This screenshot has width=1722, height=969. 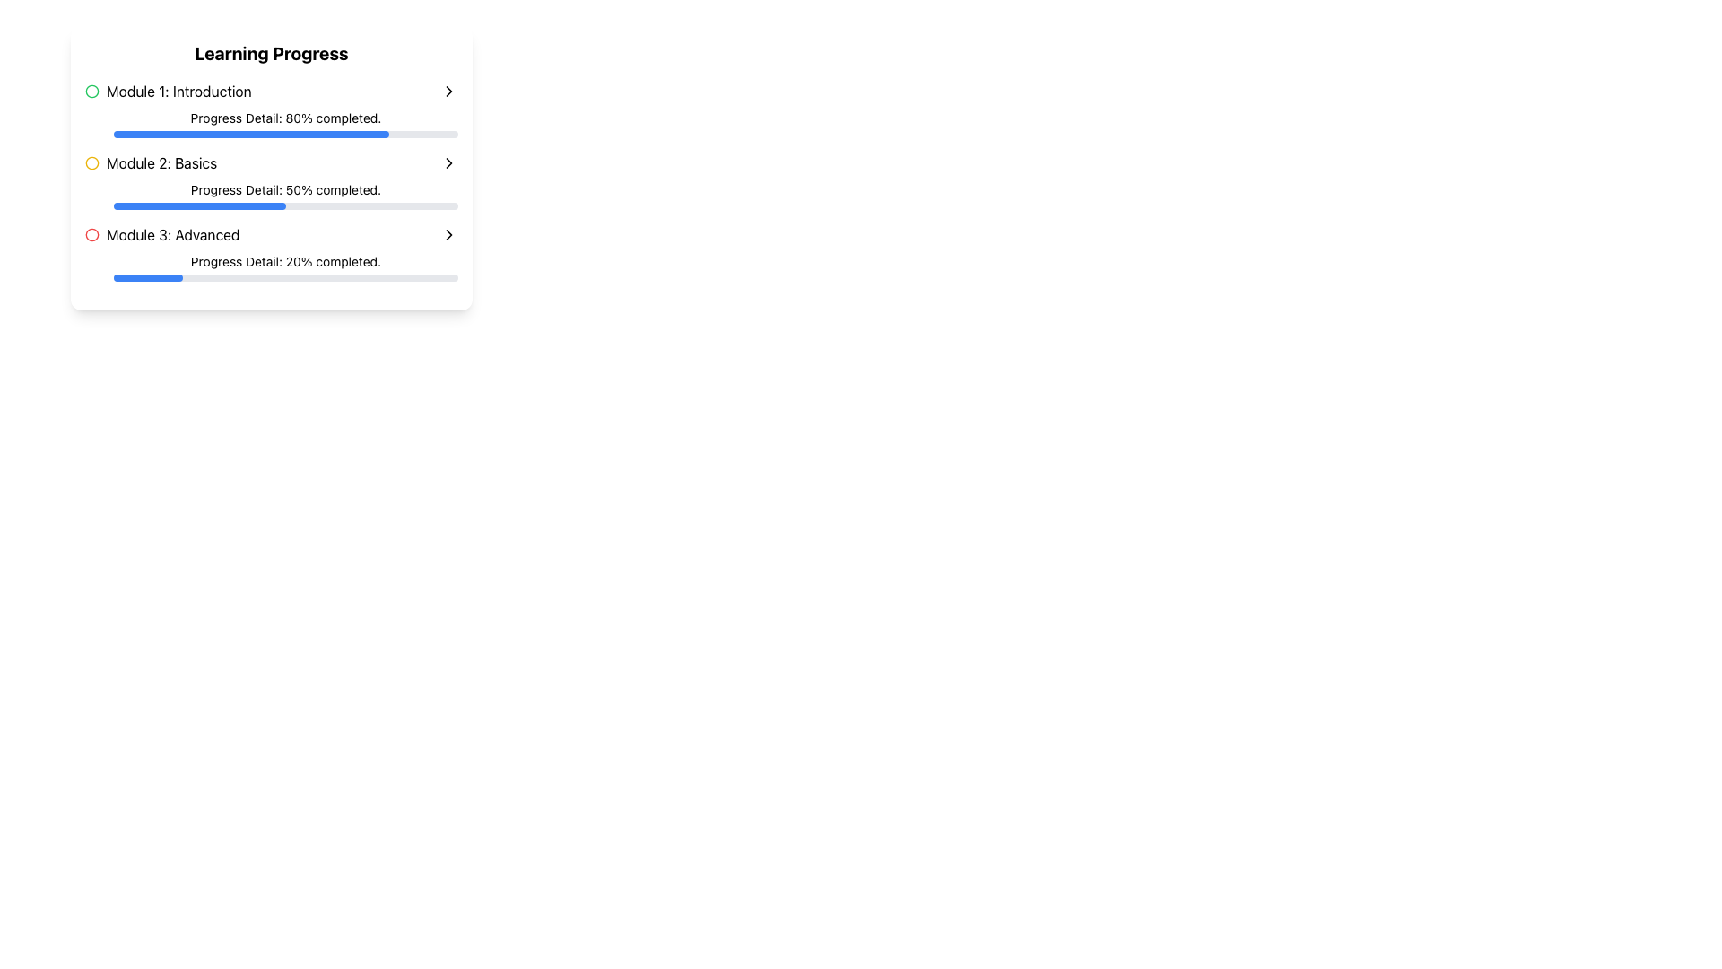 I want to click on the circular icon with a yellow border that serves as a visual indicator for 'Module 2: Basics', located to the left of its associated text label, so click(x=91, y=162).